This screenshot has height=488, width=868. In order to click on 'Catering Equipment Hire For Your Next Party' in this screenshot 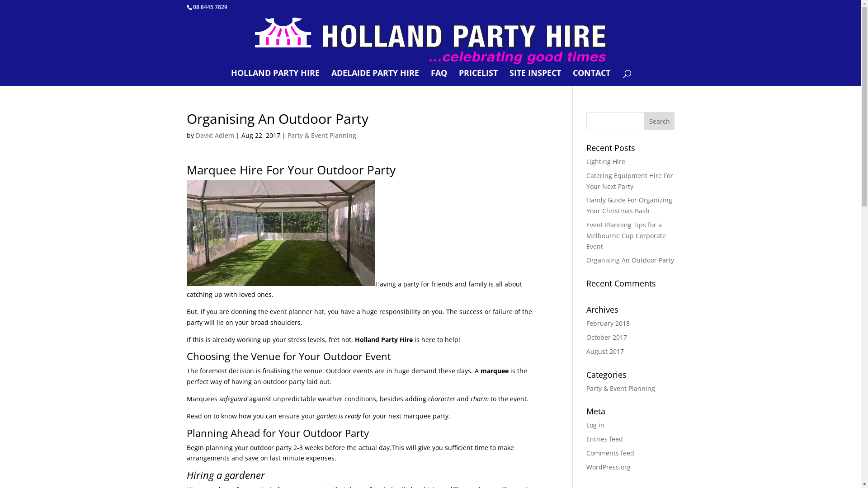, I will do `click(586, 181)`.